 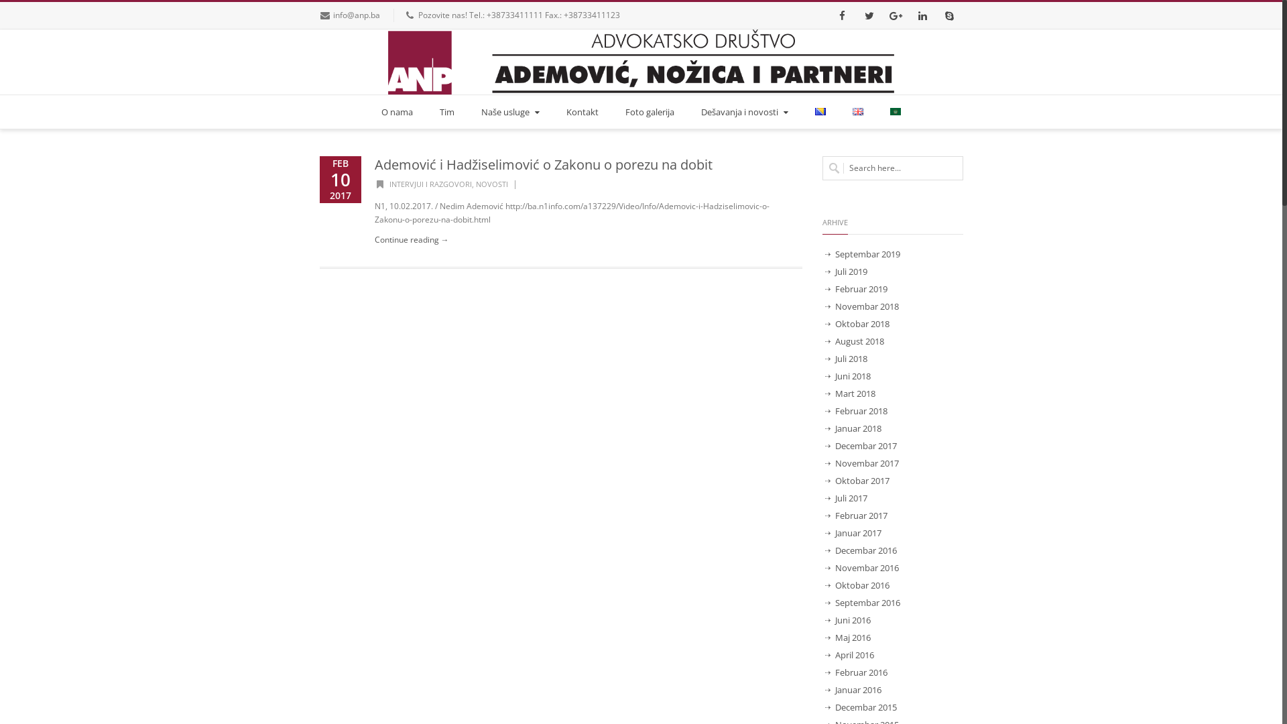 I want to click on 'Decembar 2015', so click(x=823, y=707).